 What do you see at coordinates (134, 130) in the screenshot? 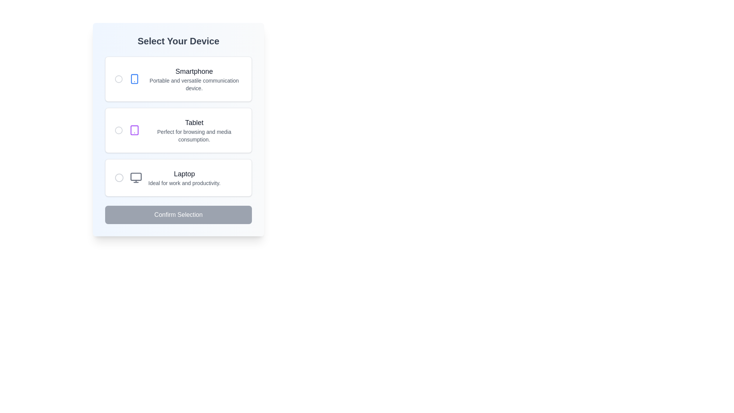
I see `the tablet icon, which is a minimalistic rectangular frame with a home button, located in the selection card labeled 'Tablet', next to the description 'Tablet Perfect for browsing and media consumption.'` at bounding box center [134, 130].